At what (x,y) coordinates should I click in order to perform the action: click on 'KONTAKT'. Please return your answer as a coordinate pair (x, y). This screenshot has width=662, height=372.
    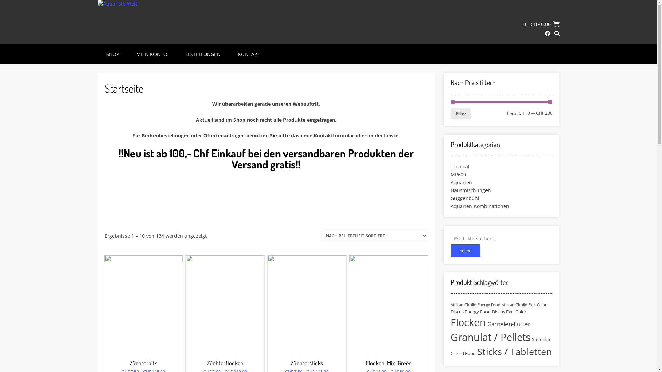
    Looking at the image, I should click on (231, 54).